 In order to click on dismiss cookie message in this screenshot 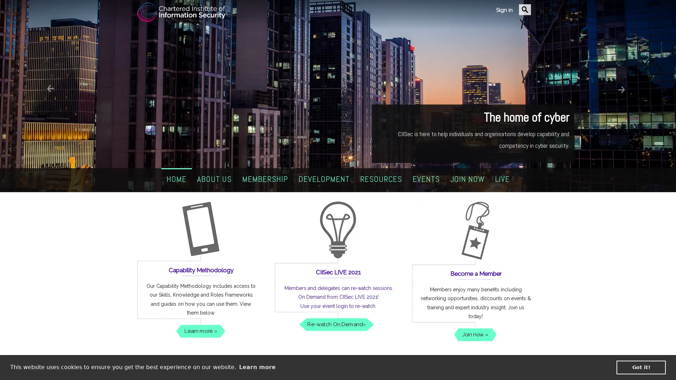, I will do `click(641, 367)`.